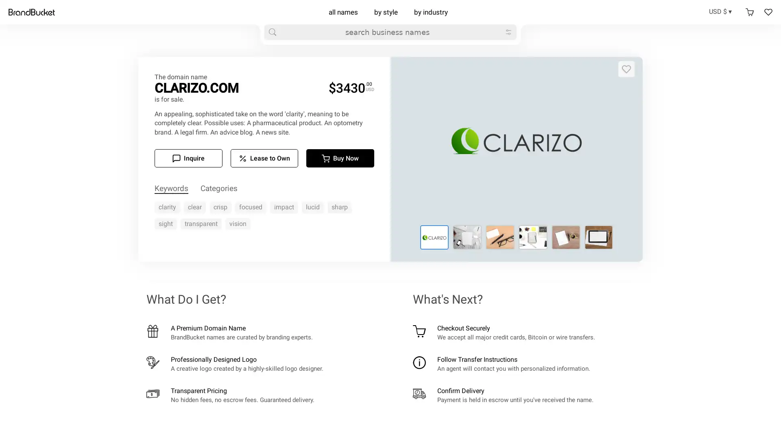 The image size is (781, 439). Describe the element at coordinates (723, 11) in the screenshot. I see `USD $` at that location.